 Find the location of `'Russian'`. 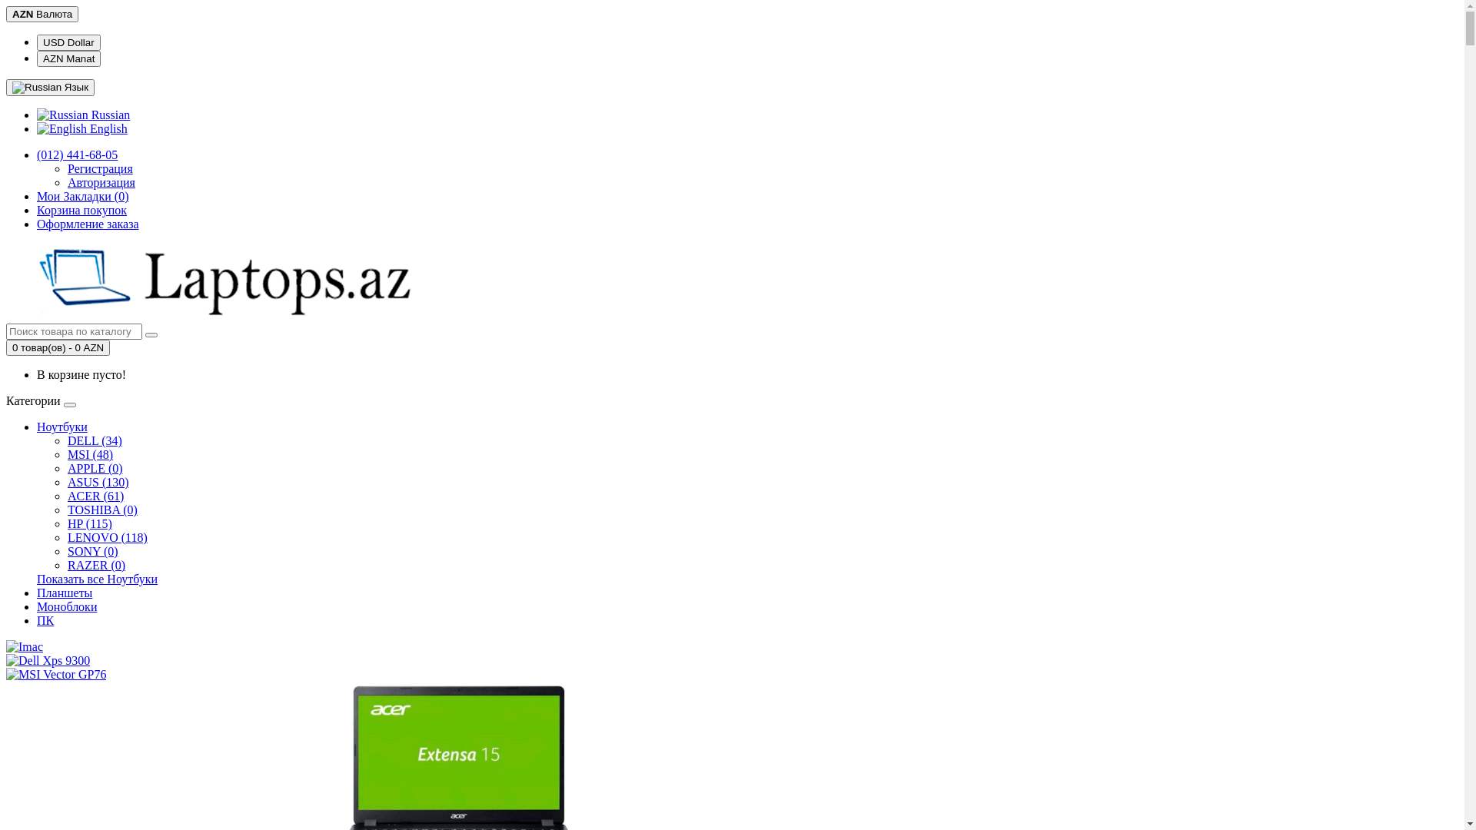

'Russian' is located at coordinates (61, 115).